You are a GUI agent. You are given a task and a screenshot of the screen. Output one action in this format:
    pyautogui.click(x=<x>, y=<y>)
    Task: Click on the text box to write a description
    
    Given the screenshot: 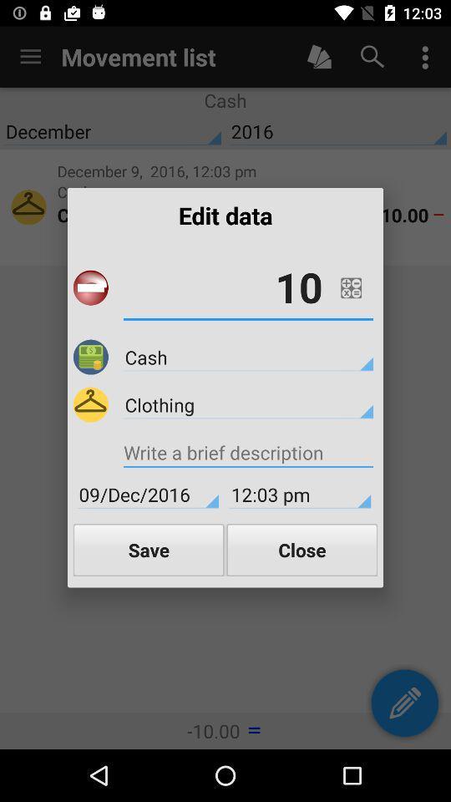 What is the action you would take?
    pyautogui.click(x=247, y=454)
    